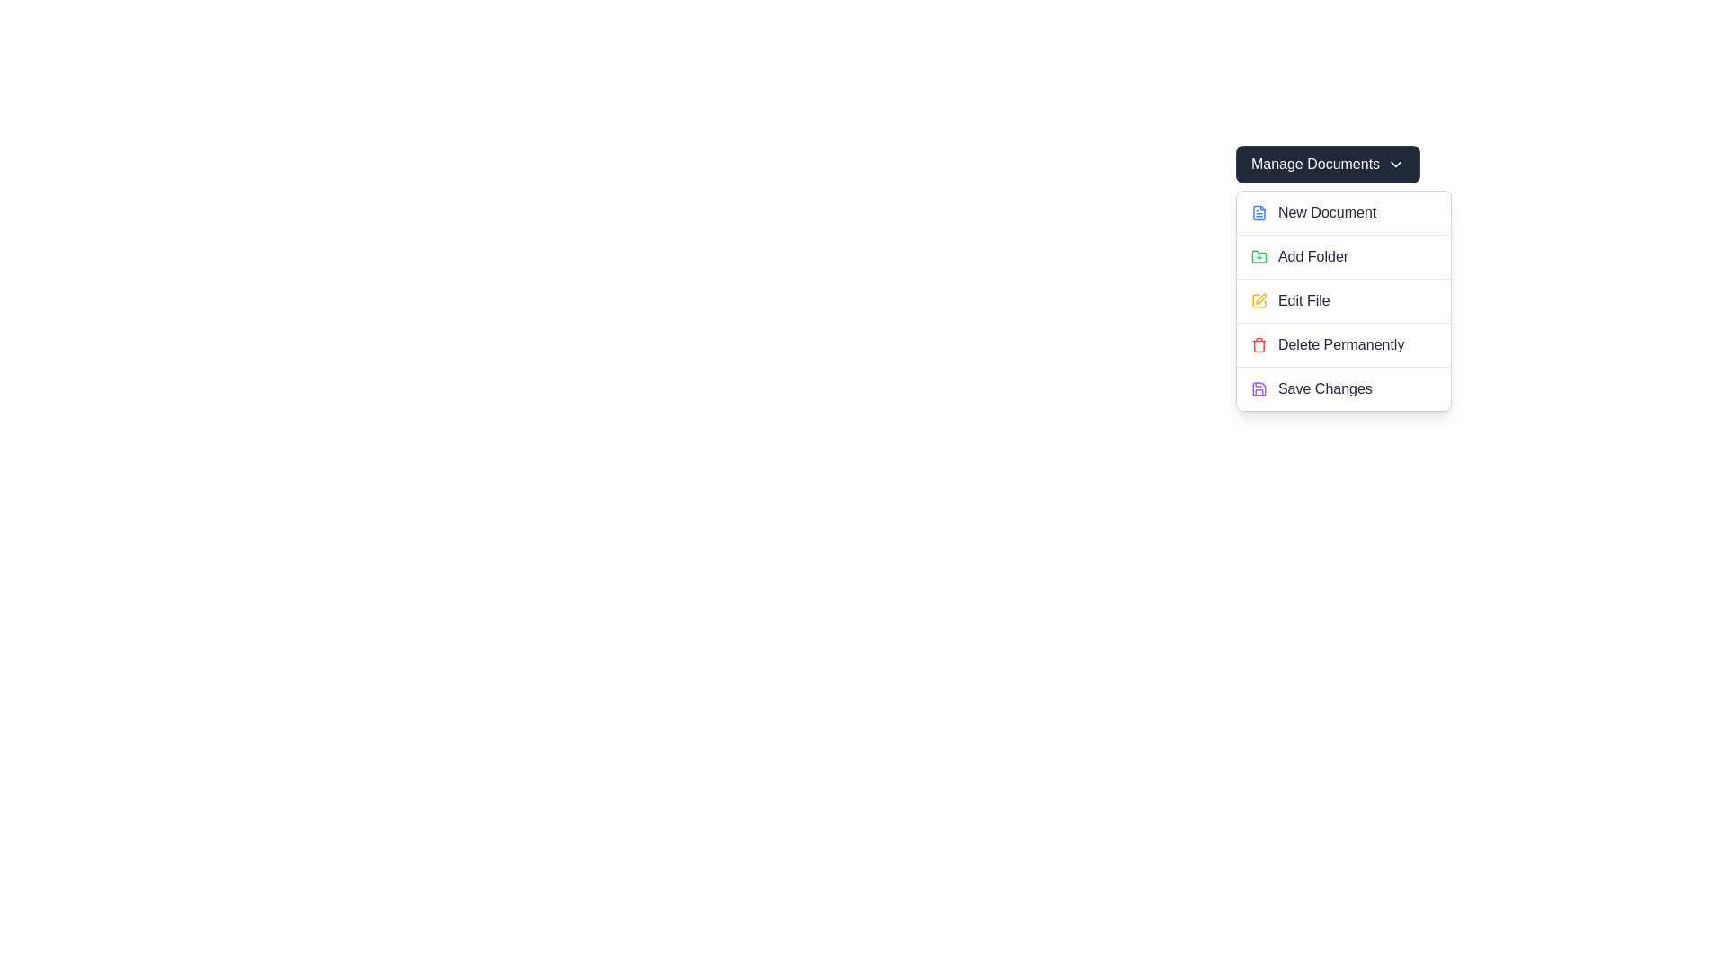  What do you see at coordinates (1258, 256) in the screenshot?
I see `the folder icon located in the second row of the action menu, which is positioned to the left of the text label 'Add Folder'` at bounding box center [1258, 256].